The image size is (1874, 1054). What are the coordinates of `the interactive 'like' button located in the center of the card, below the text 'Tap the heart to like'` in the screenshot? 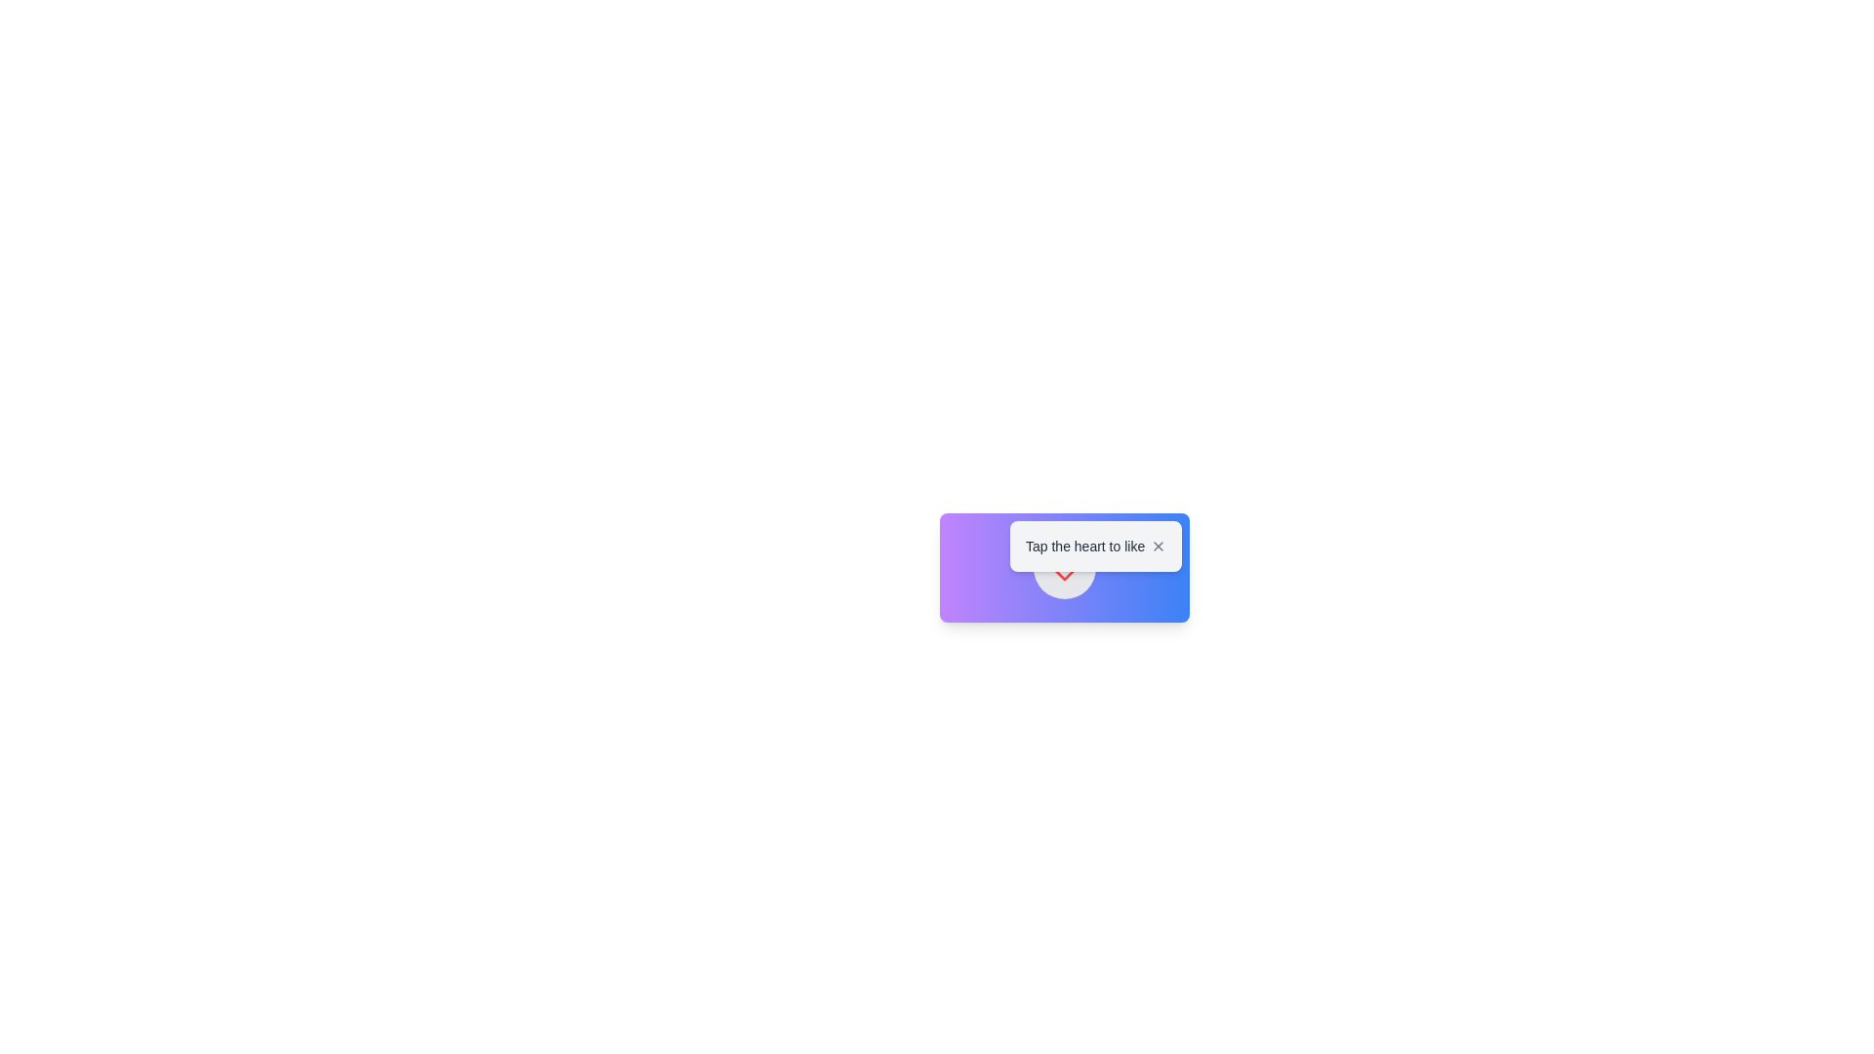 It's located at (1063, 568).